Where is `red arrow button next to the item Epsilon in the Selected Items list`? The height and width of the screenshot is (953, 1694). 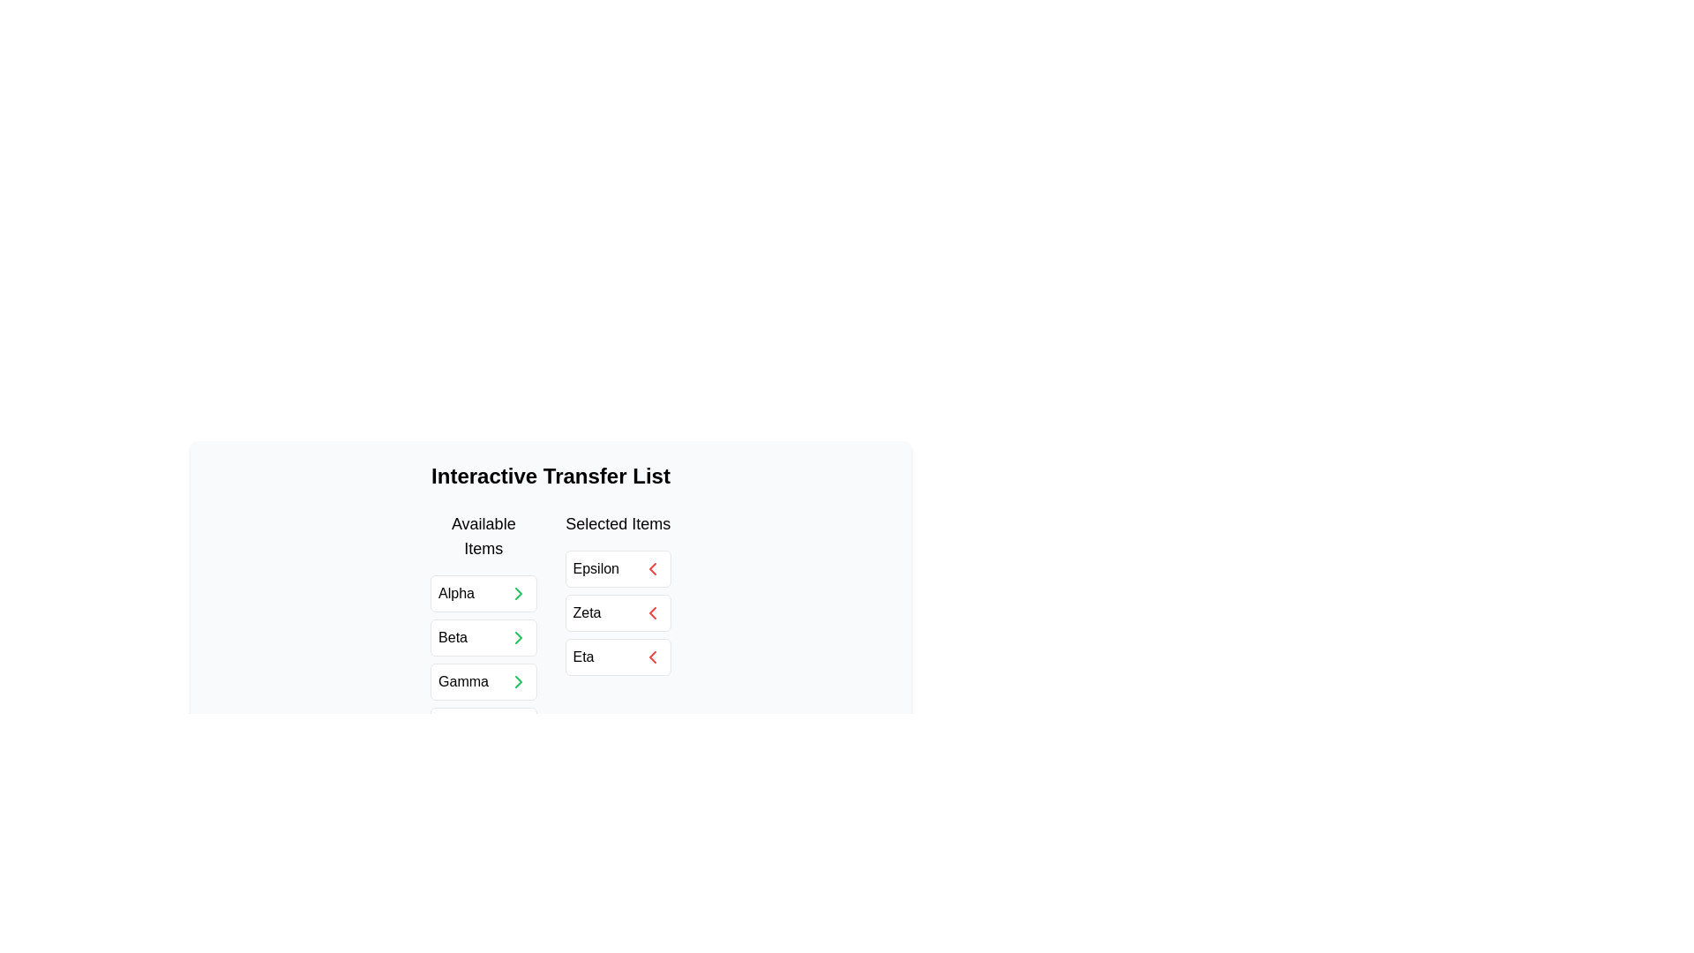 red arrow button next to the item Epsilon in the Selected Items list is located at coordinates (651, 568).